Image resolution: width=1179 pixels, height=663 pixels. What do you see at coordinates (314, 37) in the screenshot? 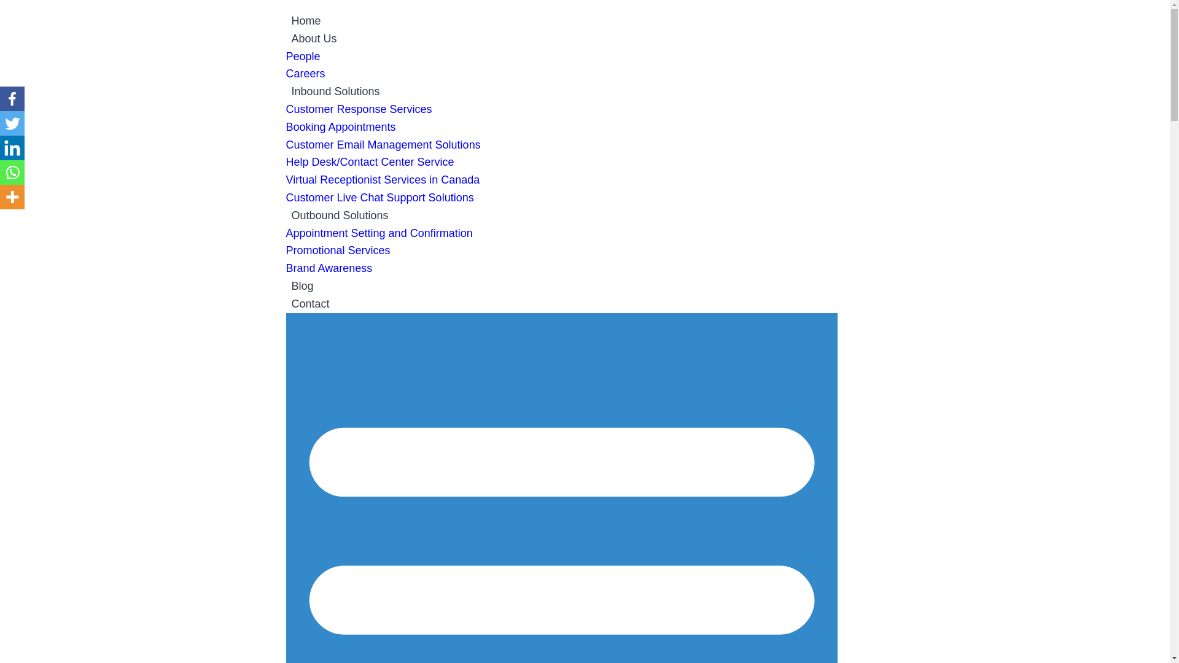
I see `'About Us'` at bounding box center [314, 37].